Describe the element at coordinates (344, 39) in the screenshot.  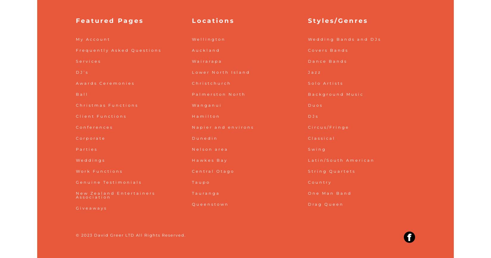
I see `'Wedding Bands and DJs'` at that location.